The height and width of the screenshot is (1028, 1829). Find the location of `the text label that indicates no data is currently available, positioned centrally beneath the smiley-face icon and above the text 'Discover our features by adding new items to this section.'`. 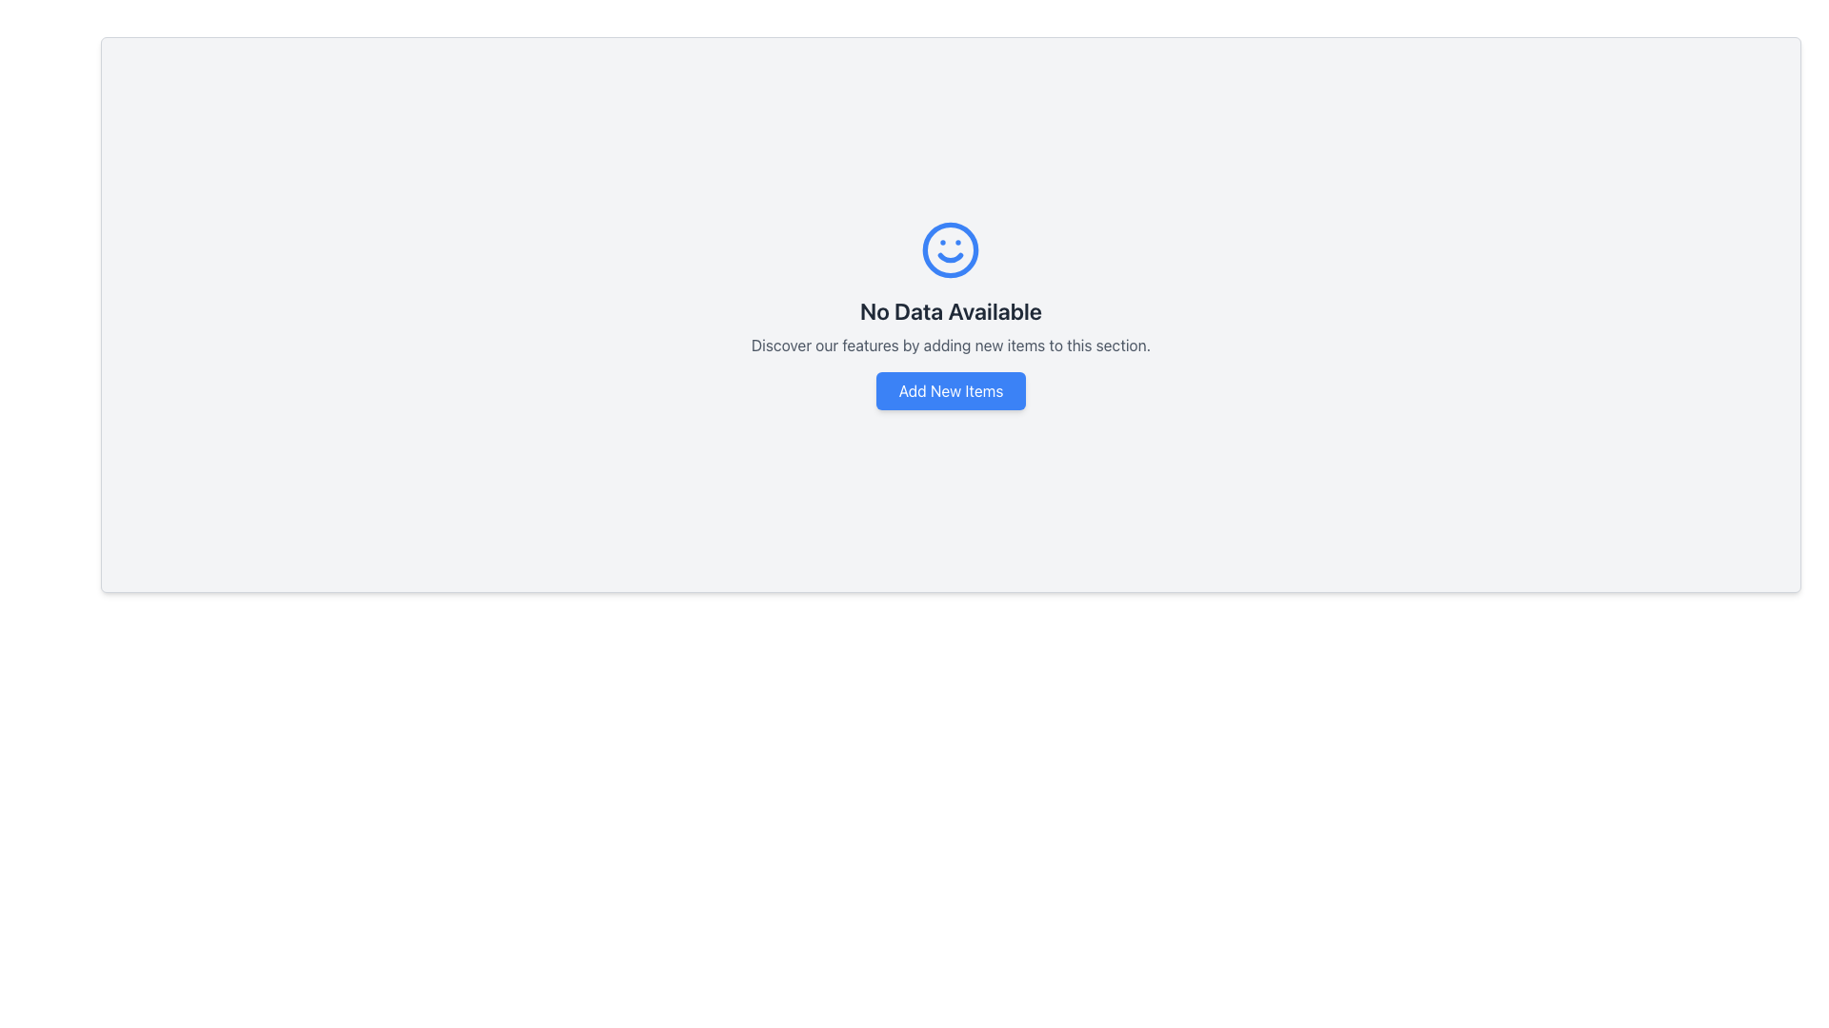

the text label that indicates no data is currently available, positioned centrally beneath the smiley-face icon and above the text 'Discover our features by adding new items to this section.' is located at coordinates (951, 310).